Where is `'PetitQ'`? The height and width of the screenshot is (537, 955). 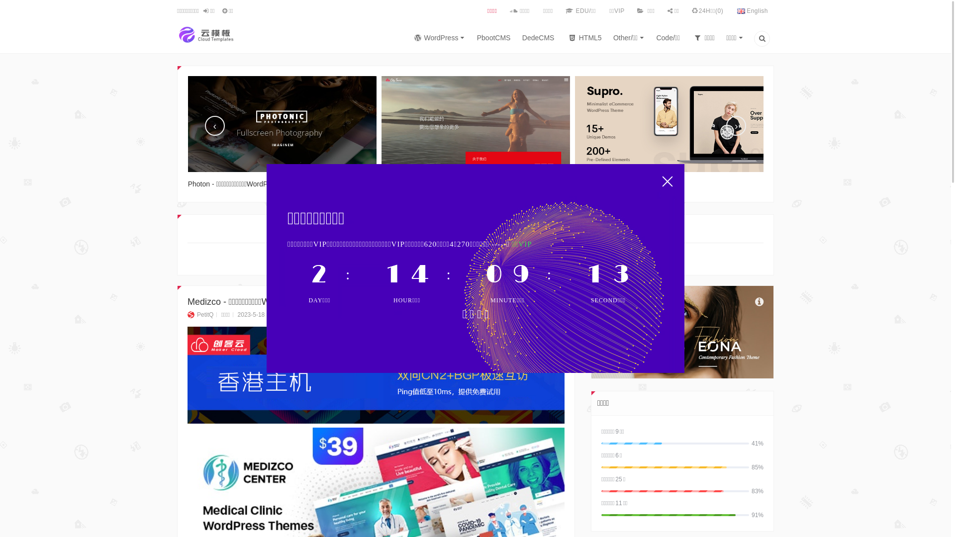 'PetitQ' is located at coordinates (200, 314).